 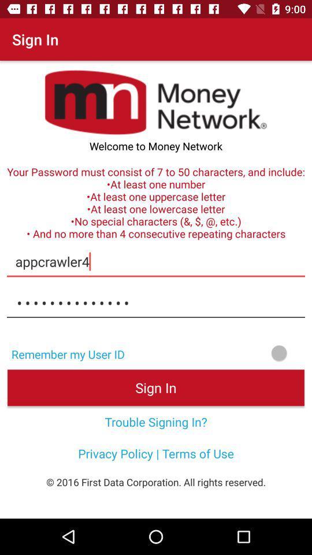 I want to click on the privacy policy terms, so click(x=156, y=453).